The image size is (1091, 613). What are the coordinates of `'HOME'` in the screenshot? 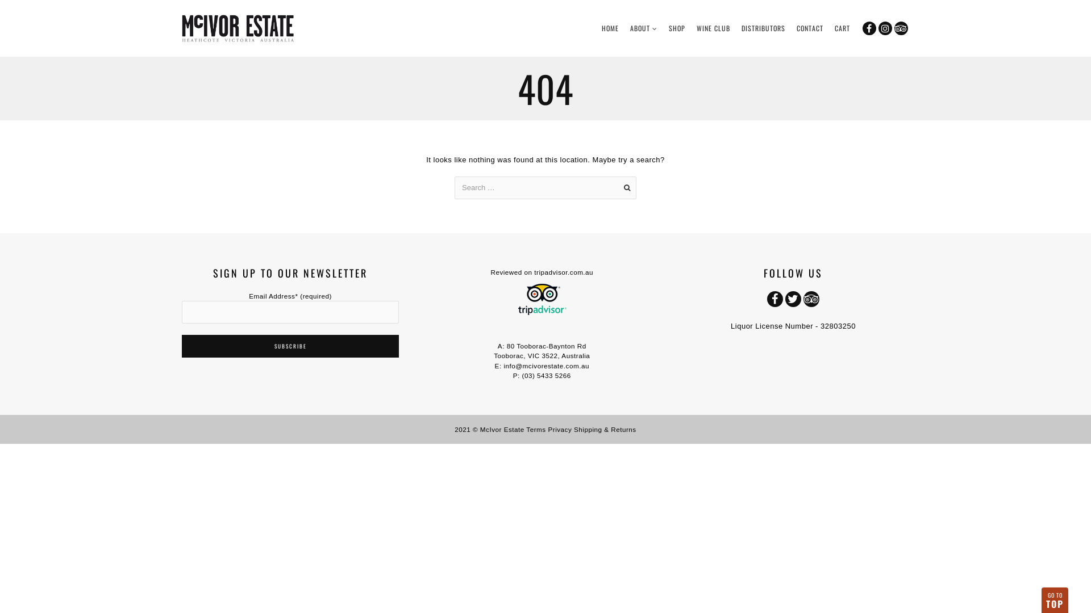 It's located at (610, 28).